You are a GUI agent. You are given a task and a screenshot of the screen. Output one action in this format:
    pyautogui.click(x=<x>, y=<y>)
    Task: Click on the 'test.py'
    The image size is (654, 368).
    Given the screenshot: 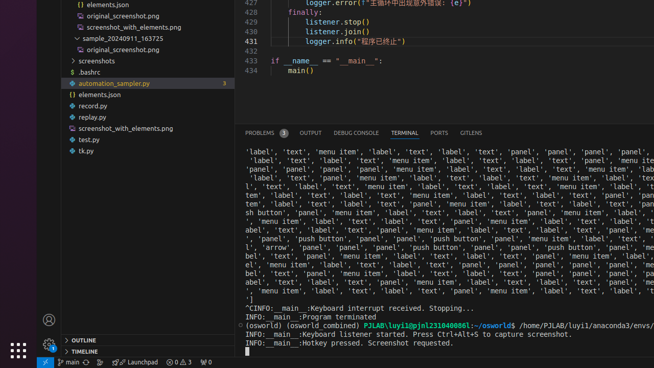 What is the action you would take?
    pyautogui.click(x=147, y=140)
    